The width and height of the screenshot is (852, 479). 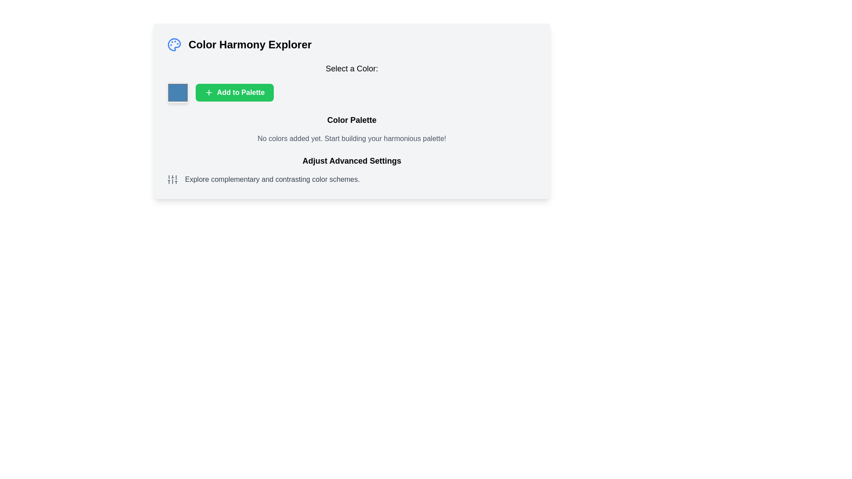 What do you see at coordinates (174, 44) in the screenshot?
I see `the palette icon located in the top-left quadrant of the interface, adjacent to the 'Color Harmony Explorer' text` at bounding box center [174, 44].